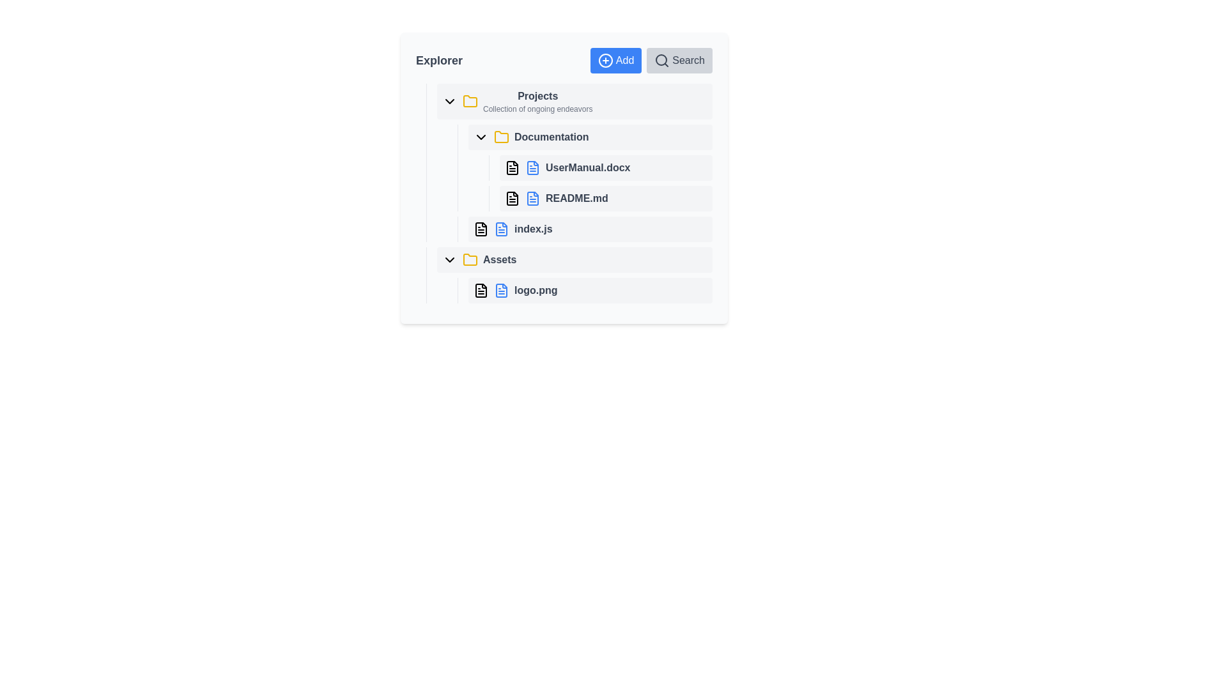 This screenshot has width=1227, height=690. Describe the element at coordinates (564, 194) in the screenshot. I see `the text label displaying 'README.md' in the file explorer` at that location.